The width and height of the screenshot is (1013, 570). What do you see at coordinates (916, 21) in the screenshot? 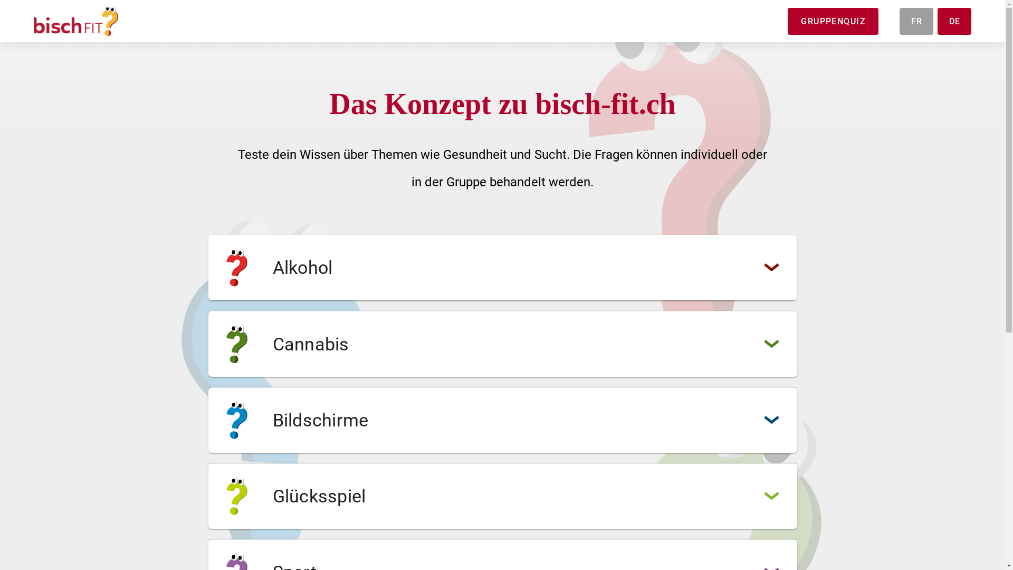
I see `'FR'` at bounding box center [916, 21].